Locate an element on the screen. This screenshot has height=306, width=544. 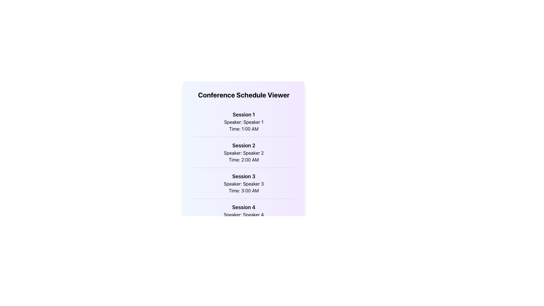
text from the first session item in the list, which contains 'Session 1', 'Speaker: Speaker 1', and 'Time: 1:00 AM' is located at coordinates (244, 121).